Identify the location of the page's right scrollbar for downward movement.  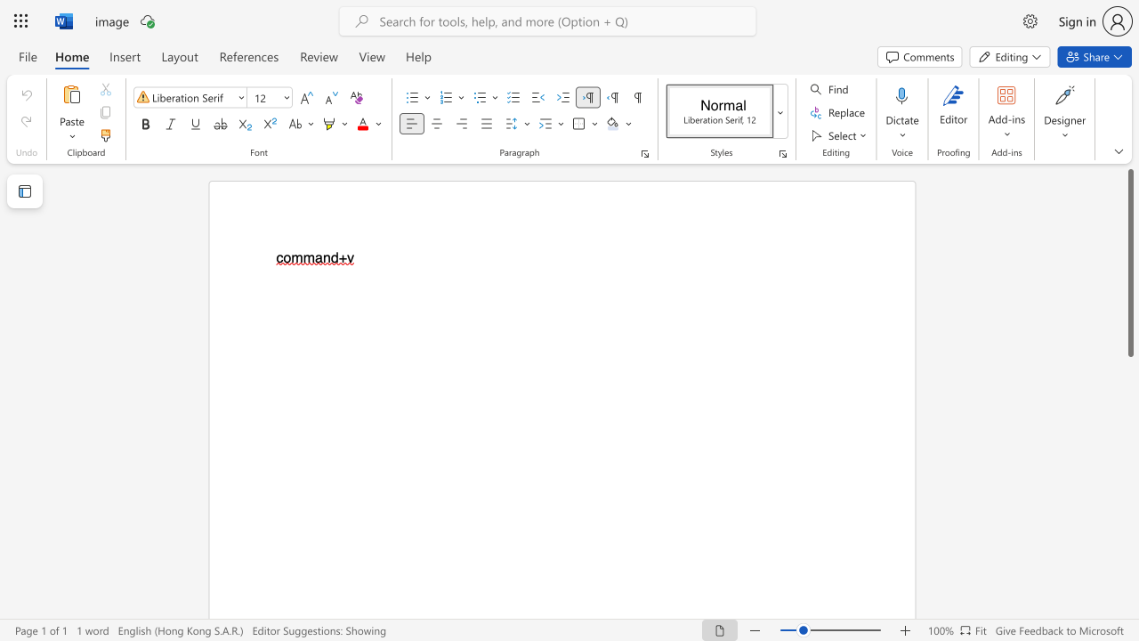
(1129, 588).